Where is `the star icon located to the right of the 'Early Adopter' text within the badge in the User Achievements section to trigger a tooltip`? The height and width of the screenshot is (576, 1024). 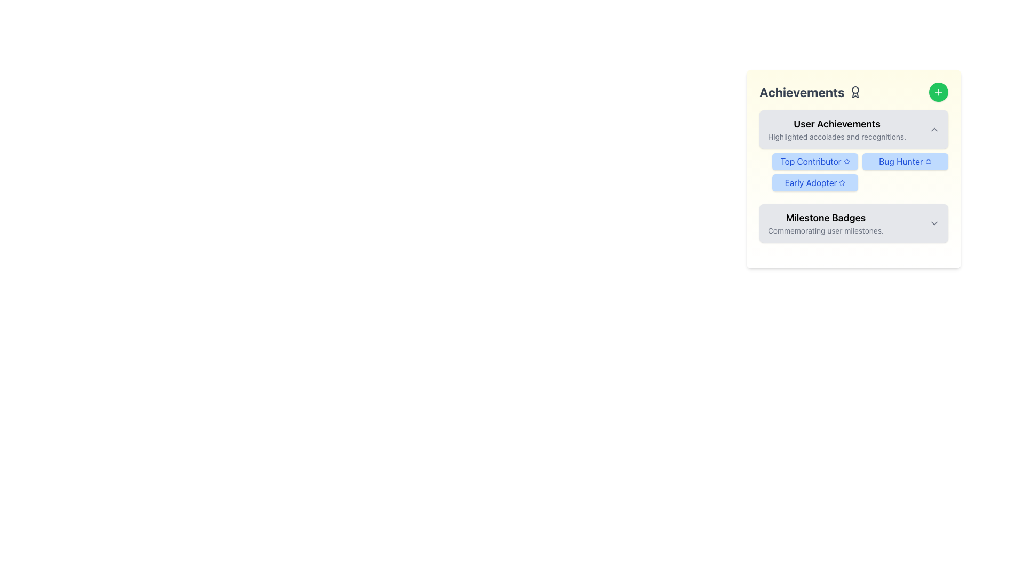
the star icon located to the right of the 'Early Adopter' text within the badge in the User Achievements section to trigger a tooltip is located at coordinates (842, 182).